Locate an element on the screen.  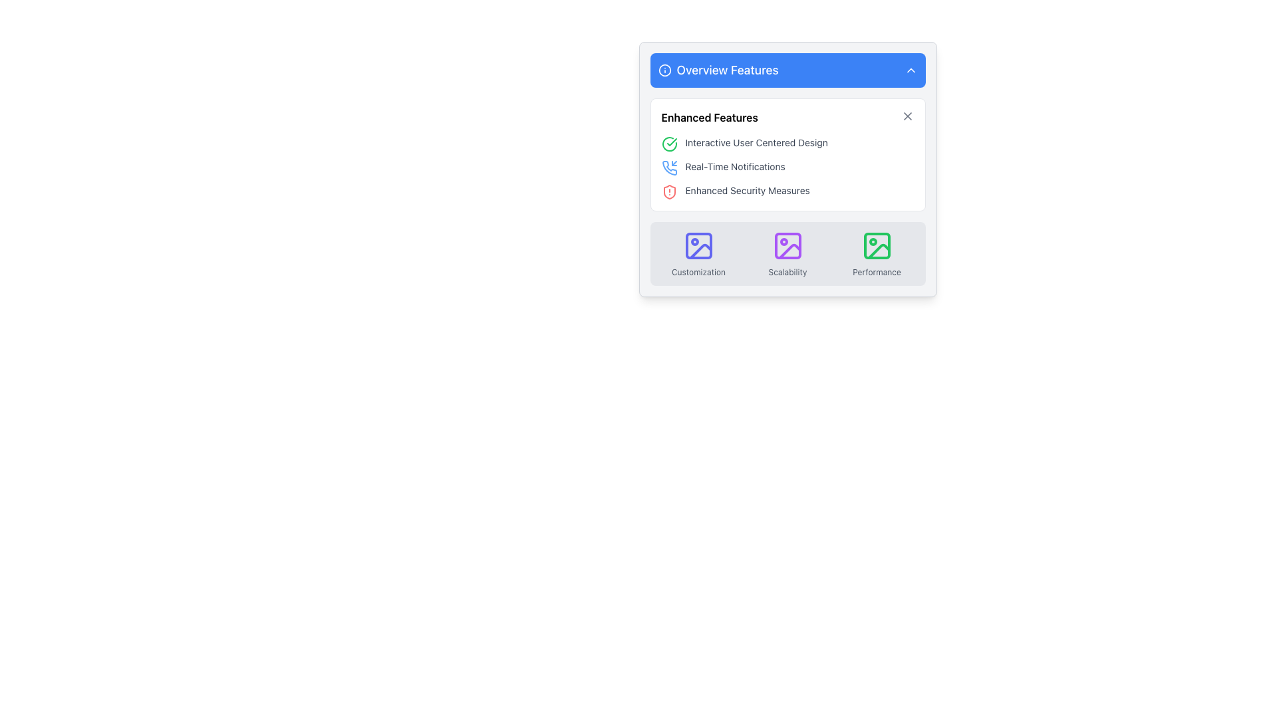
the phone call icon, which is styled with a blue stroke and is located to the left of the 'Real-Time Notifications' text in the second item of the vertically listed enhanced features is located at coordinates (669, 167).